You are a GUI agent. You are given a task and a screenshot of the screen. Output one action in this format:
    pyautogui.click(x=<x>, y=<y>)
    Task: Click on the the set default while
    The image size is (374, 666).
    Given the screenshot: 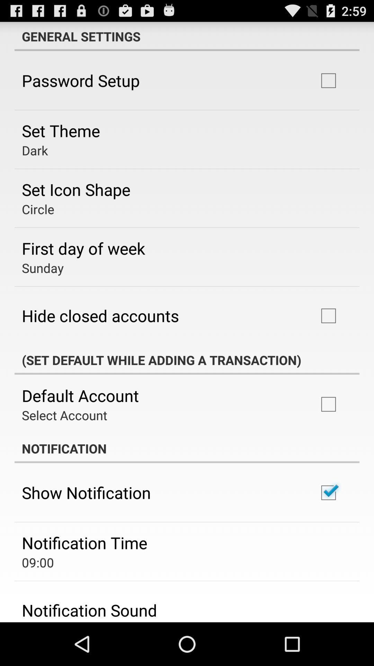 What is the action you would take?
    pyautogui.click(x=187, y=360)
    